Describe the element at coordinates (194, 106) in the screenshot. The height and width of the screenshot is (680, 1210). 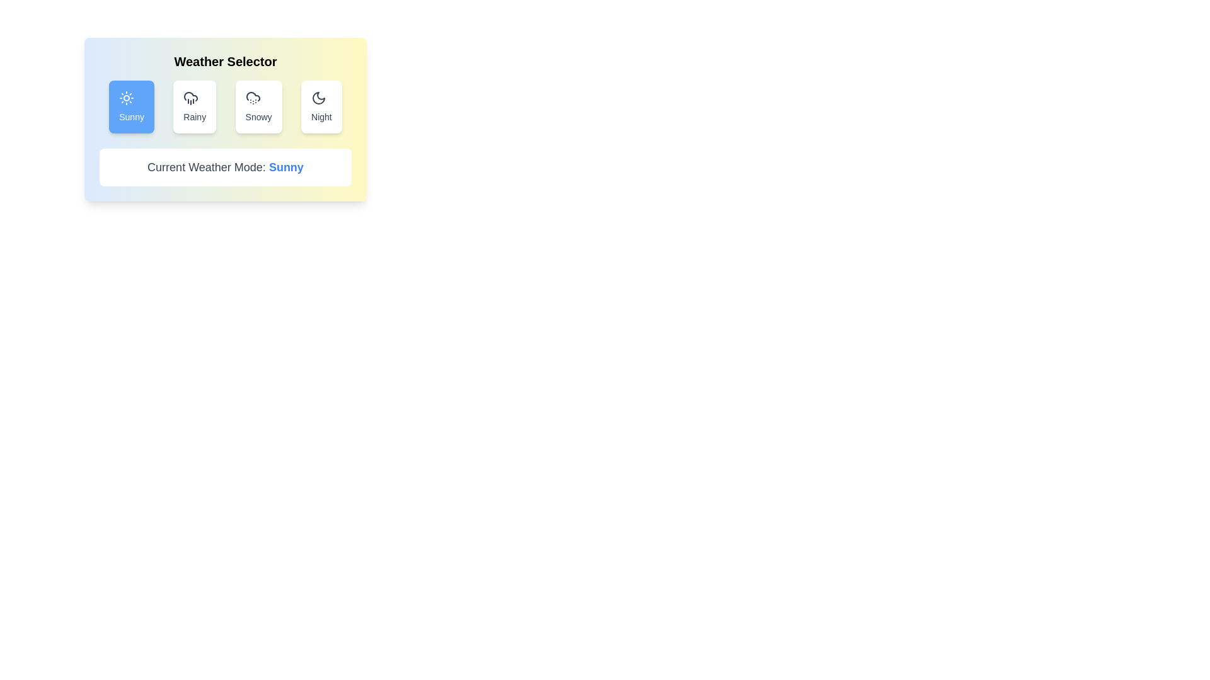
I see `the button corresponding to the weather option Rainy` at that location.